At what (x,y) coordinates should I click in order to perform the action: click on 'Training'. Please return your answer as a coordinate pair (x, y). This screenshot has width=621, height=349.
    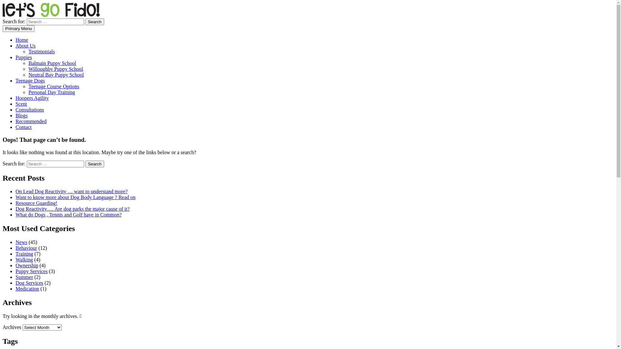
    Looking at the image, I should click on (24, 253).